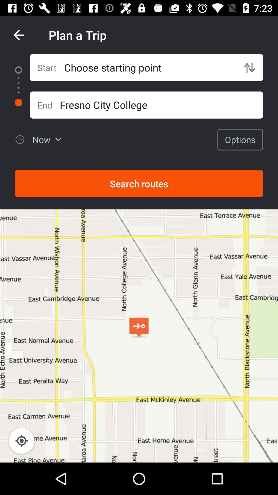  I want to click on the icon next to the start, so click(150, 67).